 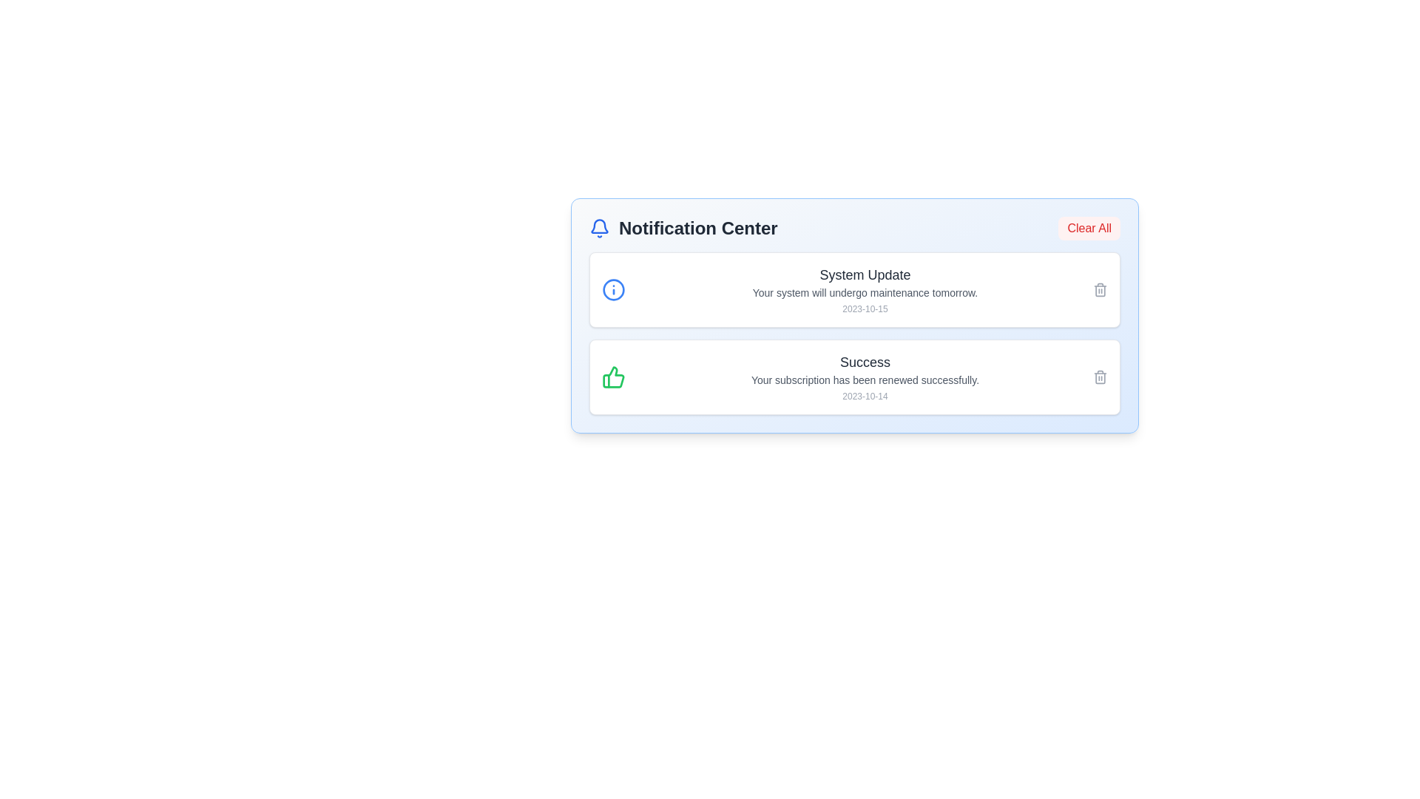 What do you see at coordinates (865, 274) in the screenshot?
I see `the 'System Update' text label, which is displayed in a larger, bold font and gray shade at the top of the notification card in the Notification Center` at bounding box center [865, 274].